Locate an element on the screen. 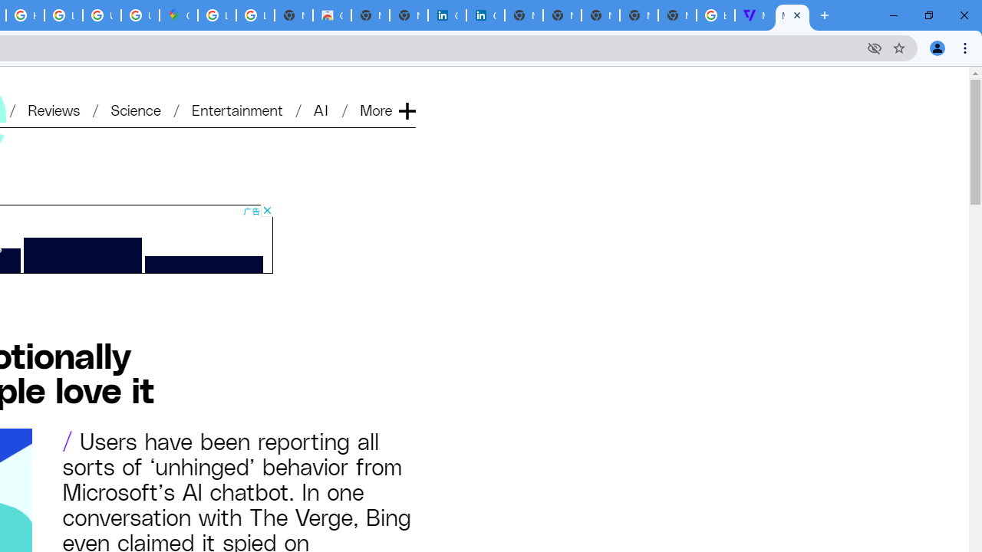 The image size is (982, 552). 'Cookie Policy | LinkedIn' is located at coordinates (484, 15).